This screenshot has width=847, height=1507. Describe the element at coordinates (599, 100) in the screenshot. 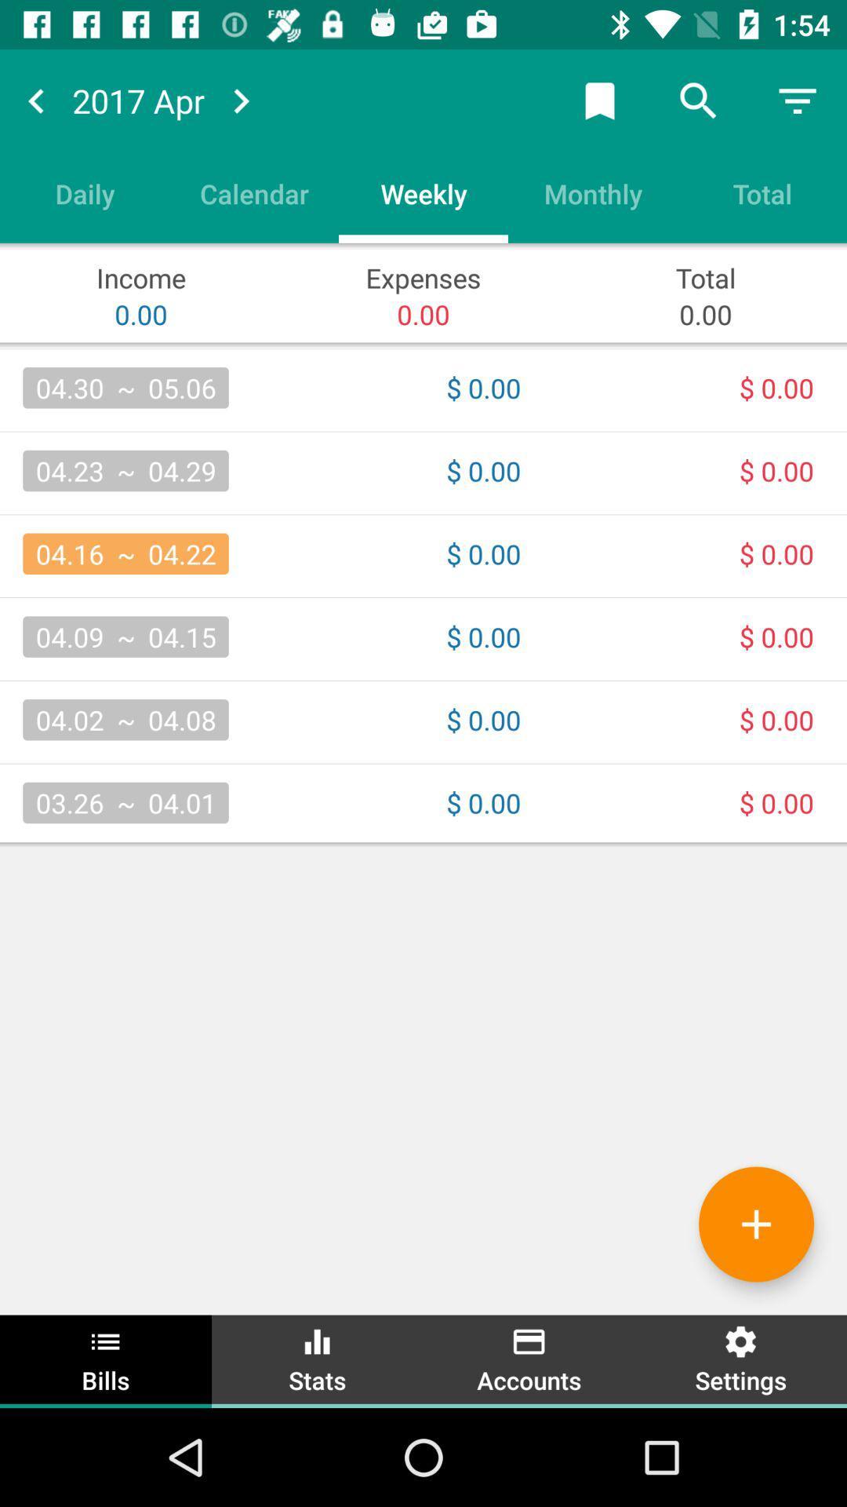

I see `the icon above monthly icon` at that location.